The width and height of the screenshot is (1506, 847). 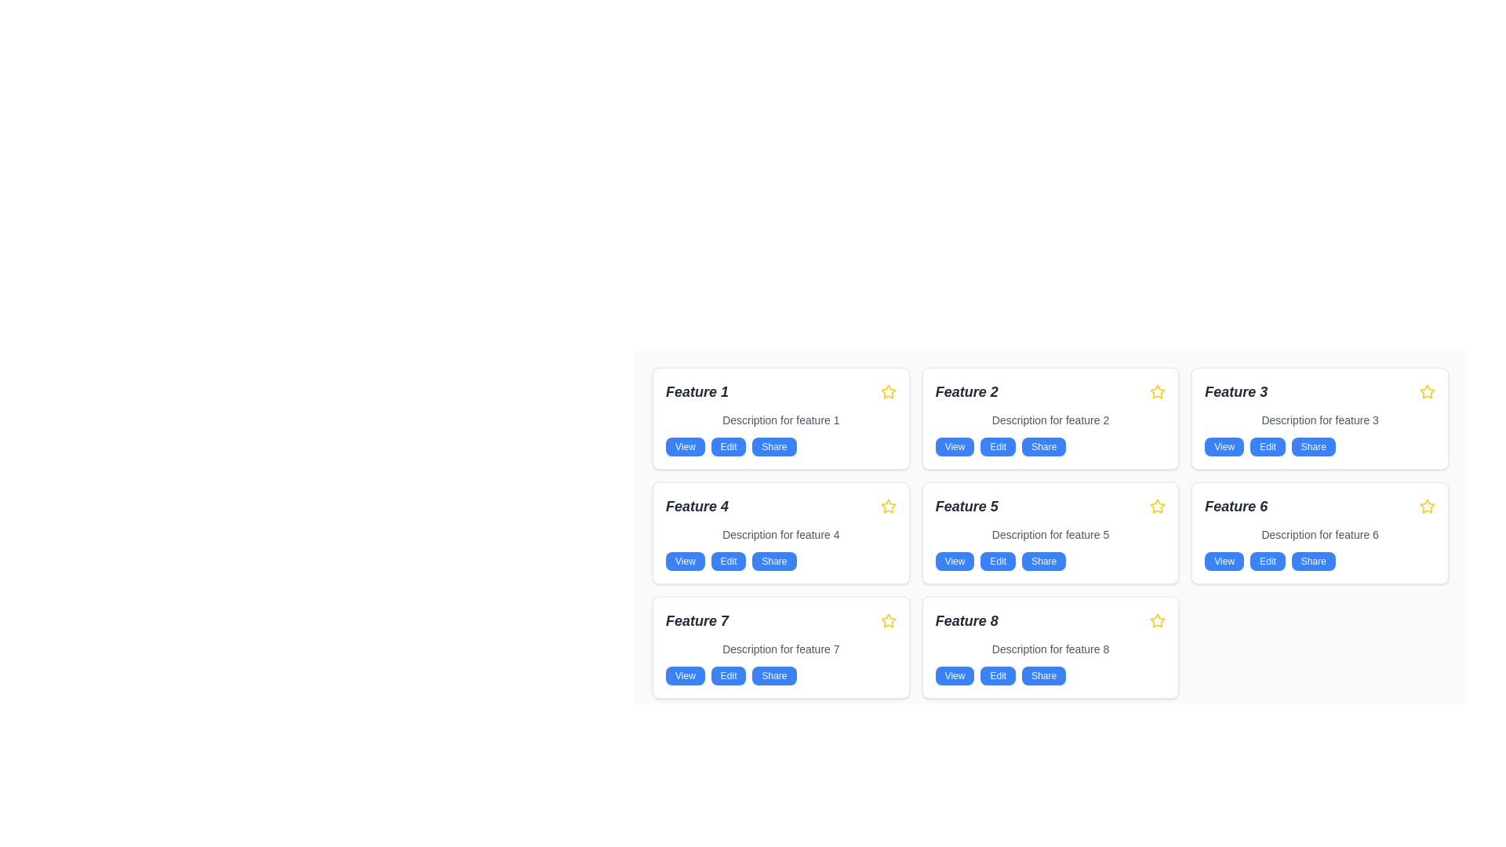 I want to click on the yellow star icon located to the right of the 'Feature 8' label, so click(x=1158, y=620).